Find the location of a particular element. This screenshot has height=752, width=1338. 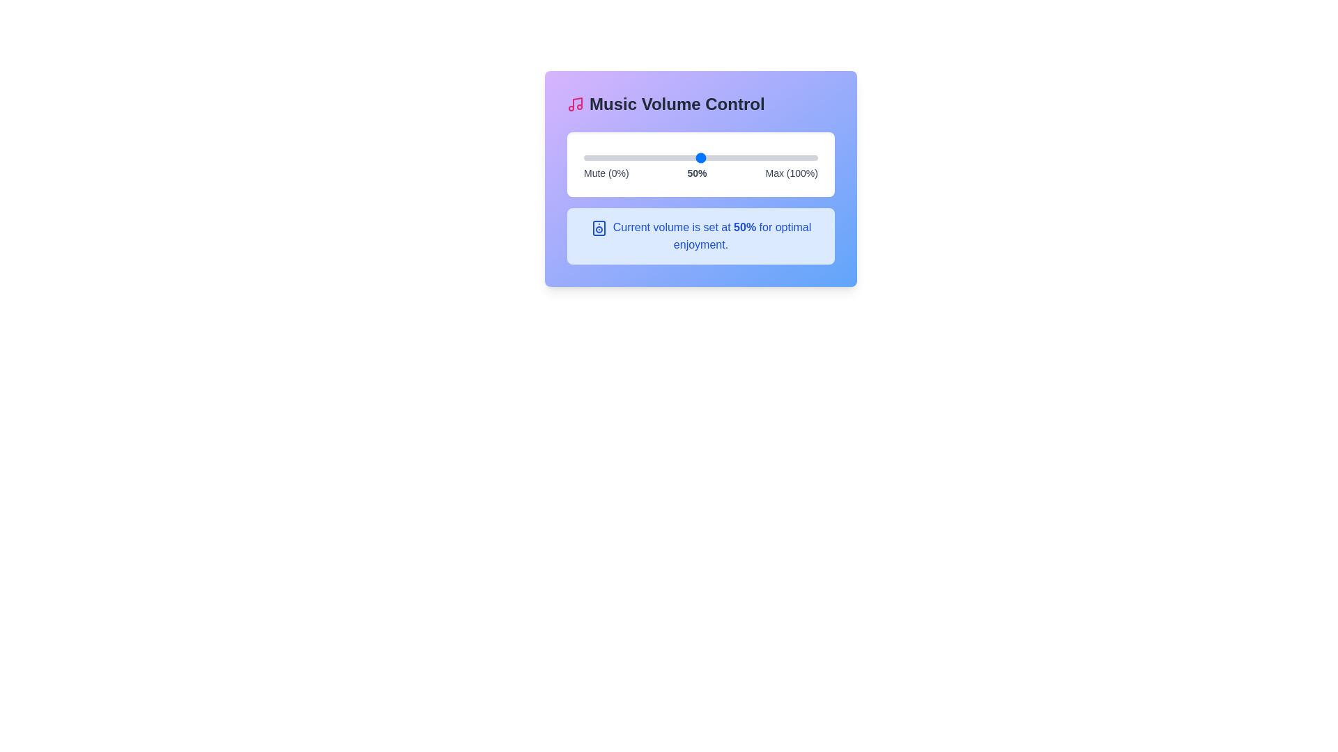

the volume slider to set the volume to 74% is located at coordinates (756, 157).